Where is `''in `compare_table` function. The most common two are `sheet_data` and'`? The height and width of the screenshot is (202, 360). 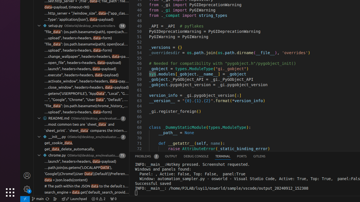
''in `compare_table` function. The most common two are `sheet_data` and' is located at coordinates (81, 124).